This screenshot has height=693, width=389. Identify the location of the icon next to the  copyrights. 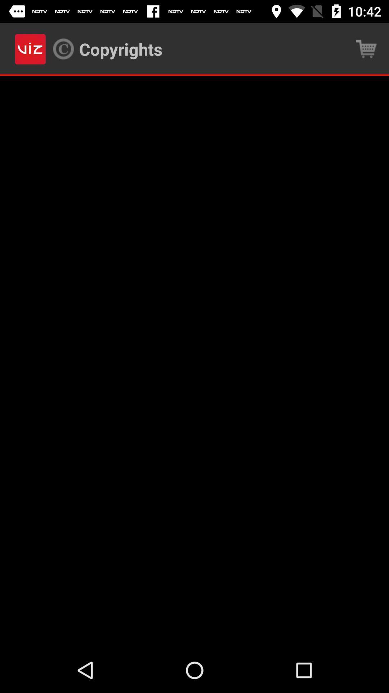
(366, 49).